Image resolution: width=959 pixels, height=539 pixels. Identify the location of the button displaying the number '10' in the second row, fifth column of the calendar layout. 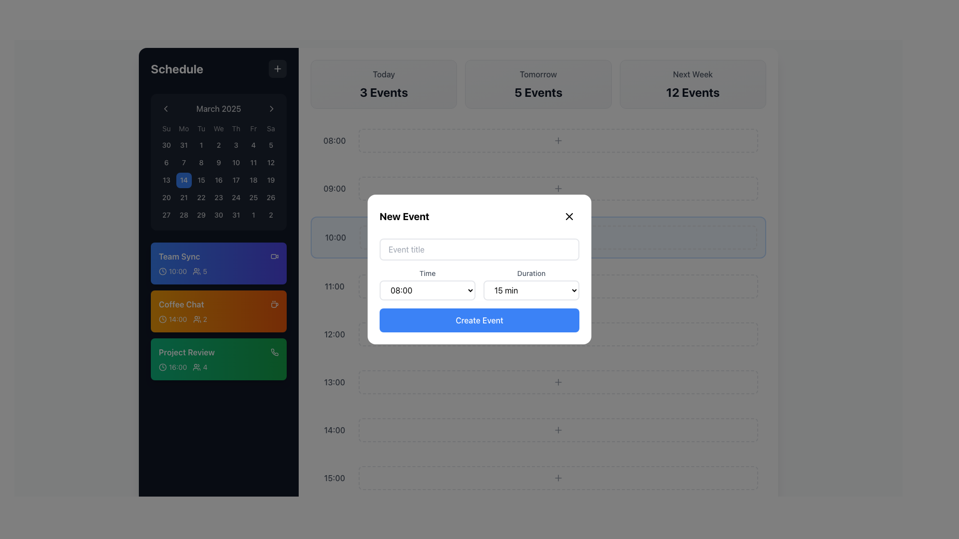
(235, 162).